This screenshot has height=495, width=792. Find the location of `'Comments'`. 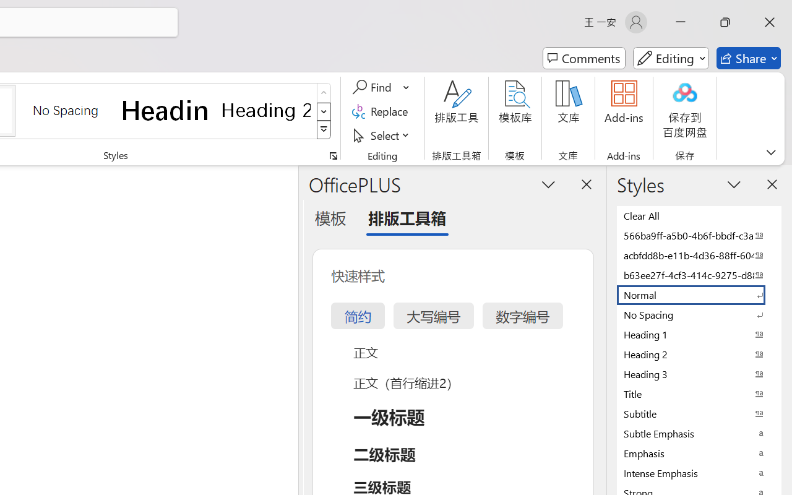

'Comments' is located at coordinates (583, 58).